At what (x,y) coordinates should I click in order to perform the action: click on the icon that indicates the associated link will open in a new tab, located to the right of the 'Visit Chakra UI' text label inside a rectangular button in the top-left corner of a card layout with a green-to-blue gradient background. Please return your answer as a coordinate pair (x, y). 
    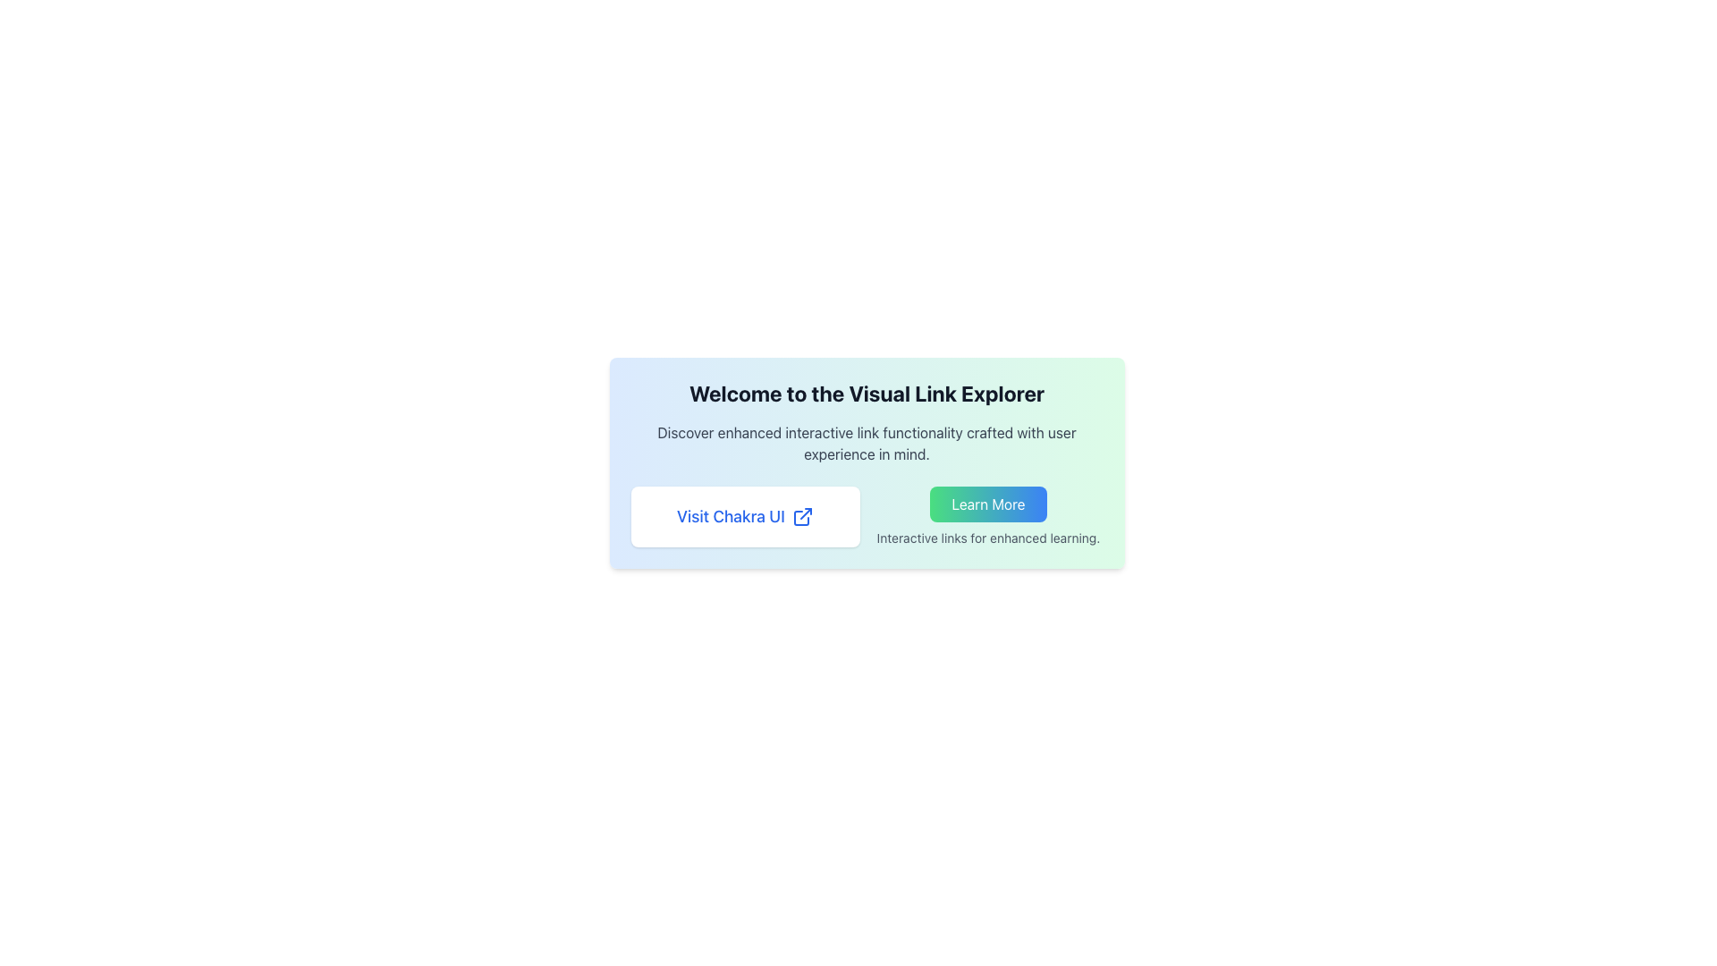
    Looking at the image, I should click on (801, 517).